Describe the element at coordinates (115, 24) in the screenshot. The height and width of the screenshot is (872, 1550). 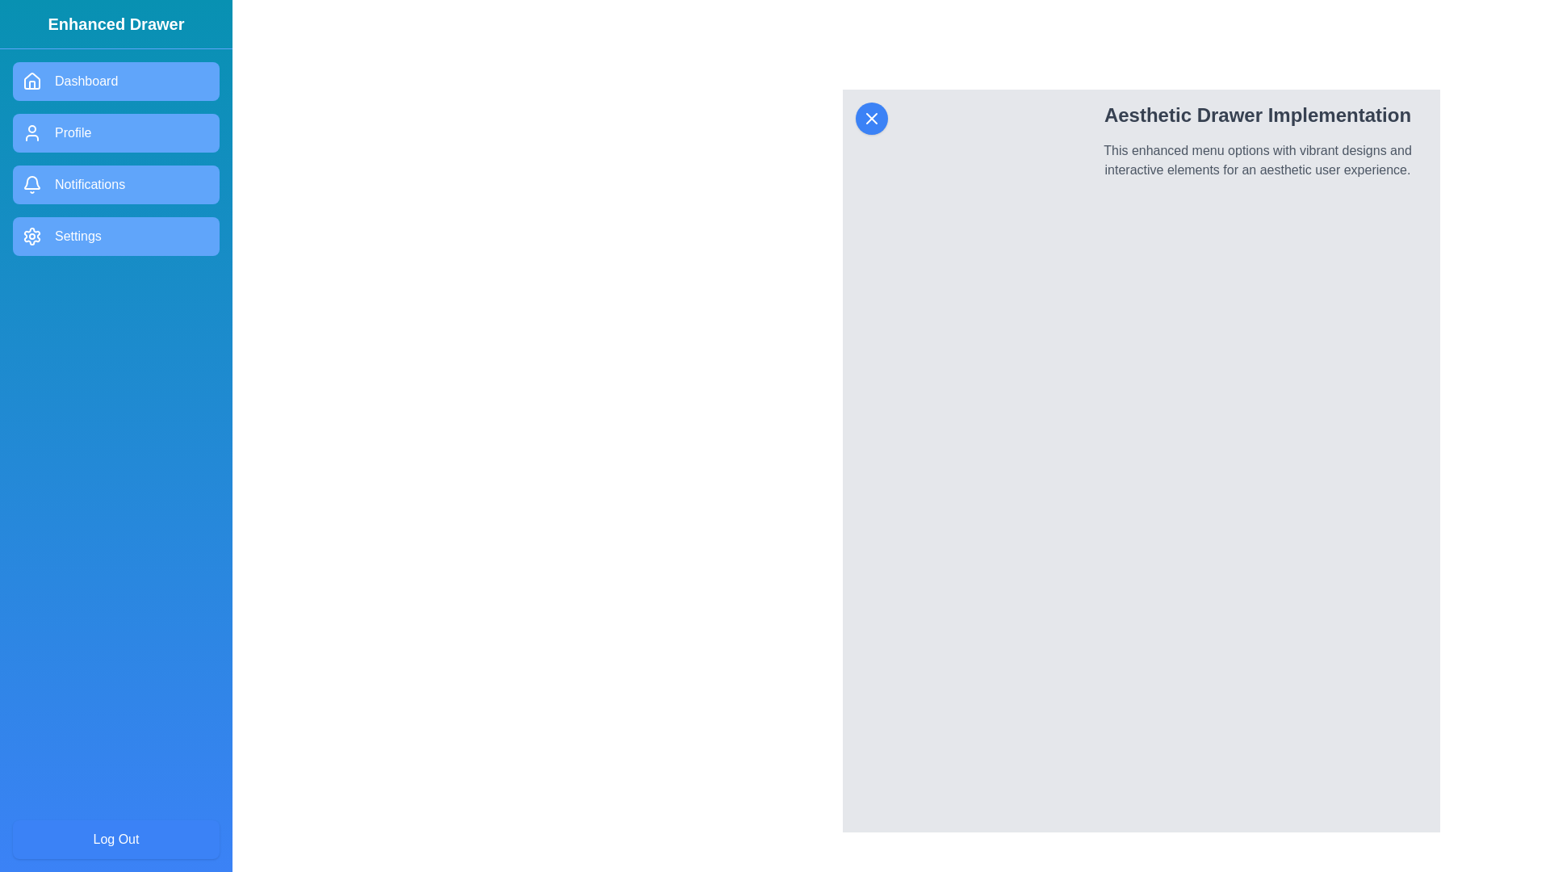
I see `the text display element labeled 'Enhanced Drawer' located at the top of the left sidebar` at that location.